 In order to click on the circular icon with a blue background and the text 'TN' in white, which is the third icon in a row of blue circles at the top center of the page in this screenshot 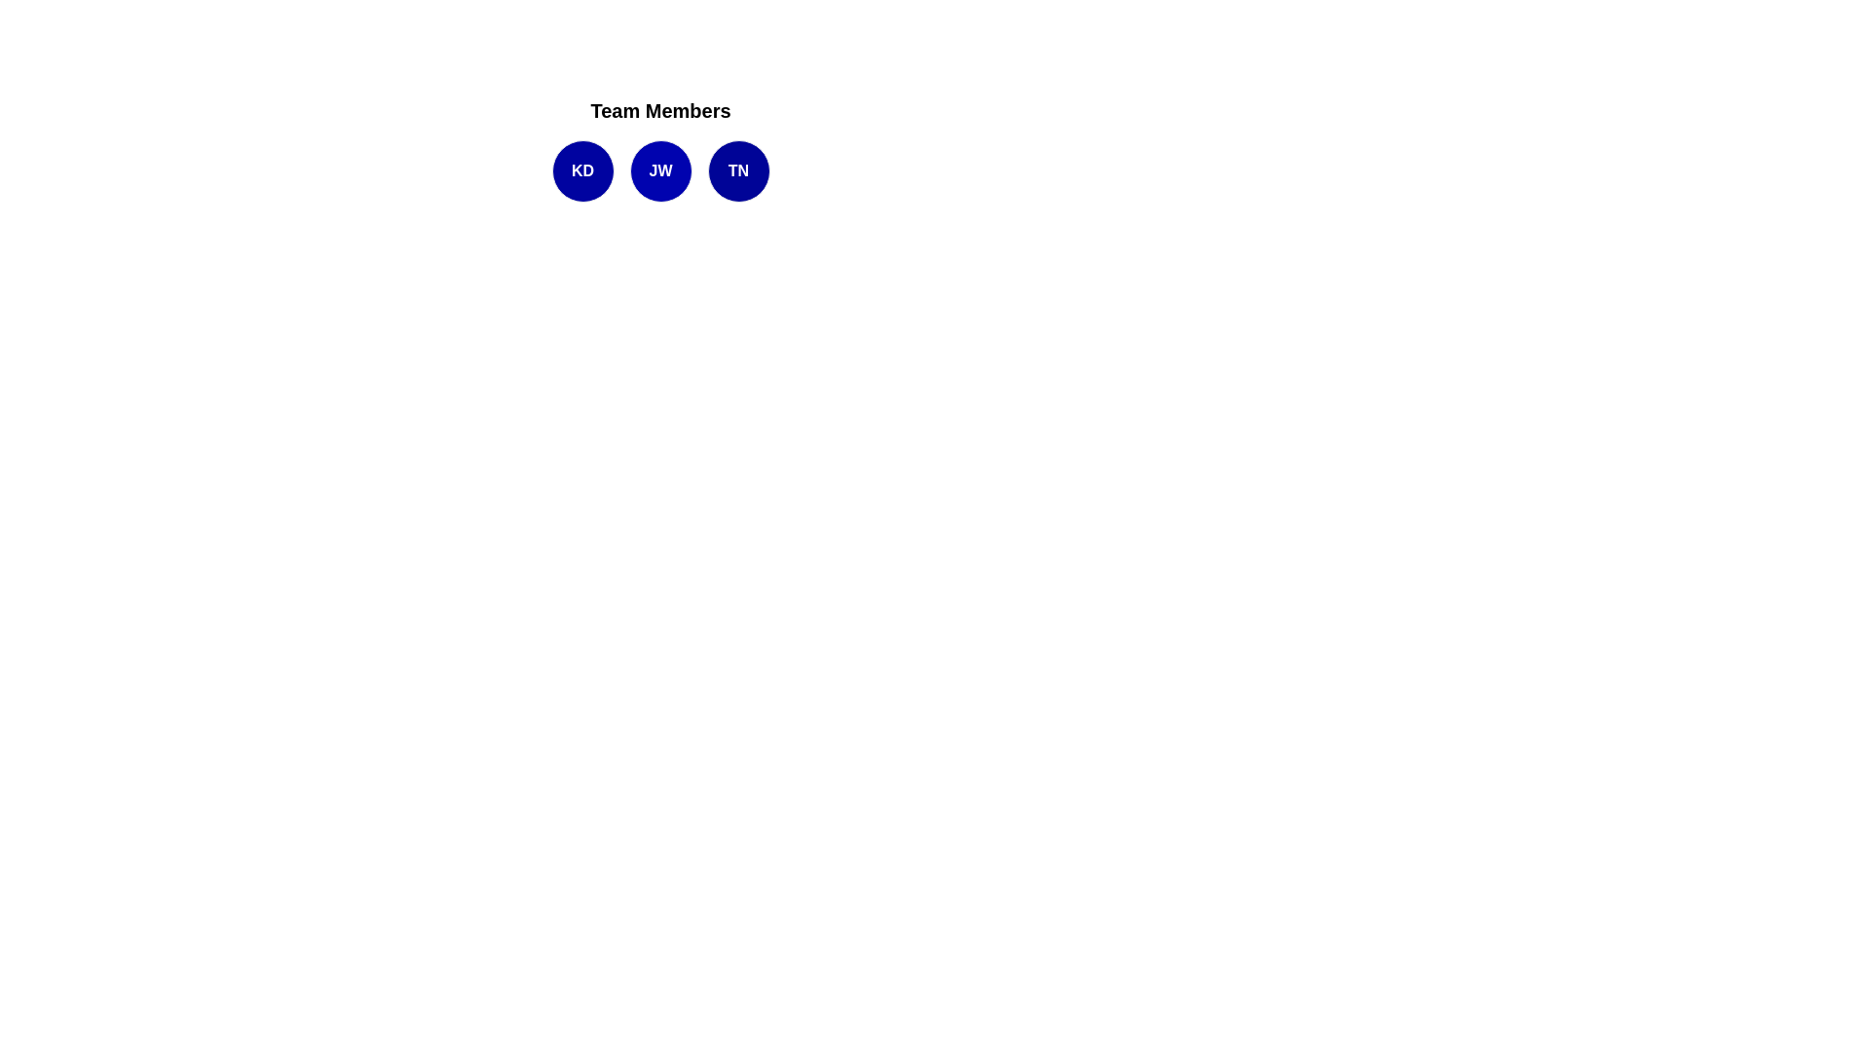, I will do `click(737, 170)`.